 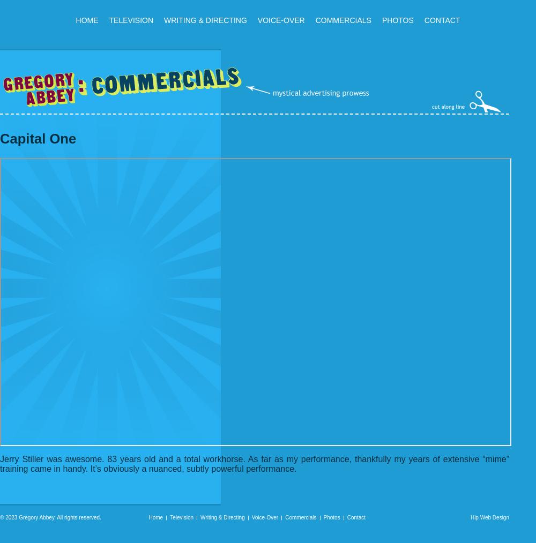 I want to click on 'Hip Web Design', so click(x=489, y=517).